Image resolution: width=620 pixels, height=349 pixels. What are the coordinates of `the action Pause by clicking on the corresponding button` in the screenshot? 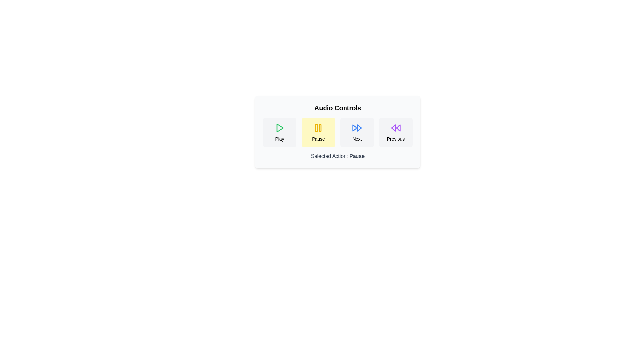 It's located at (318, 132).